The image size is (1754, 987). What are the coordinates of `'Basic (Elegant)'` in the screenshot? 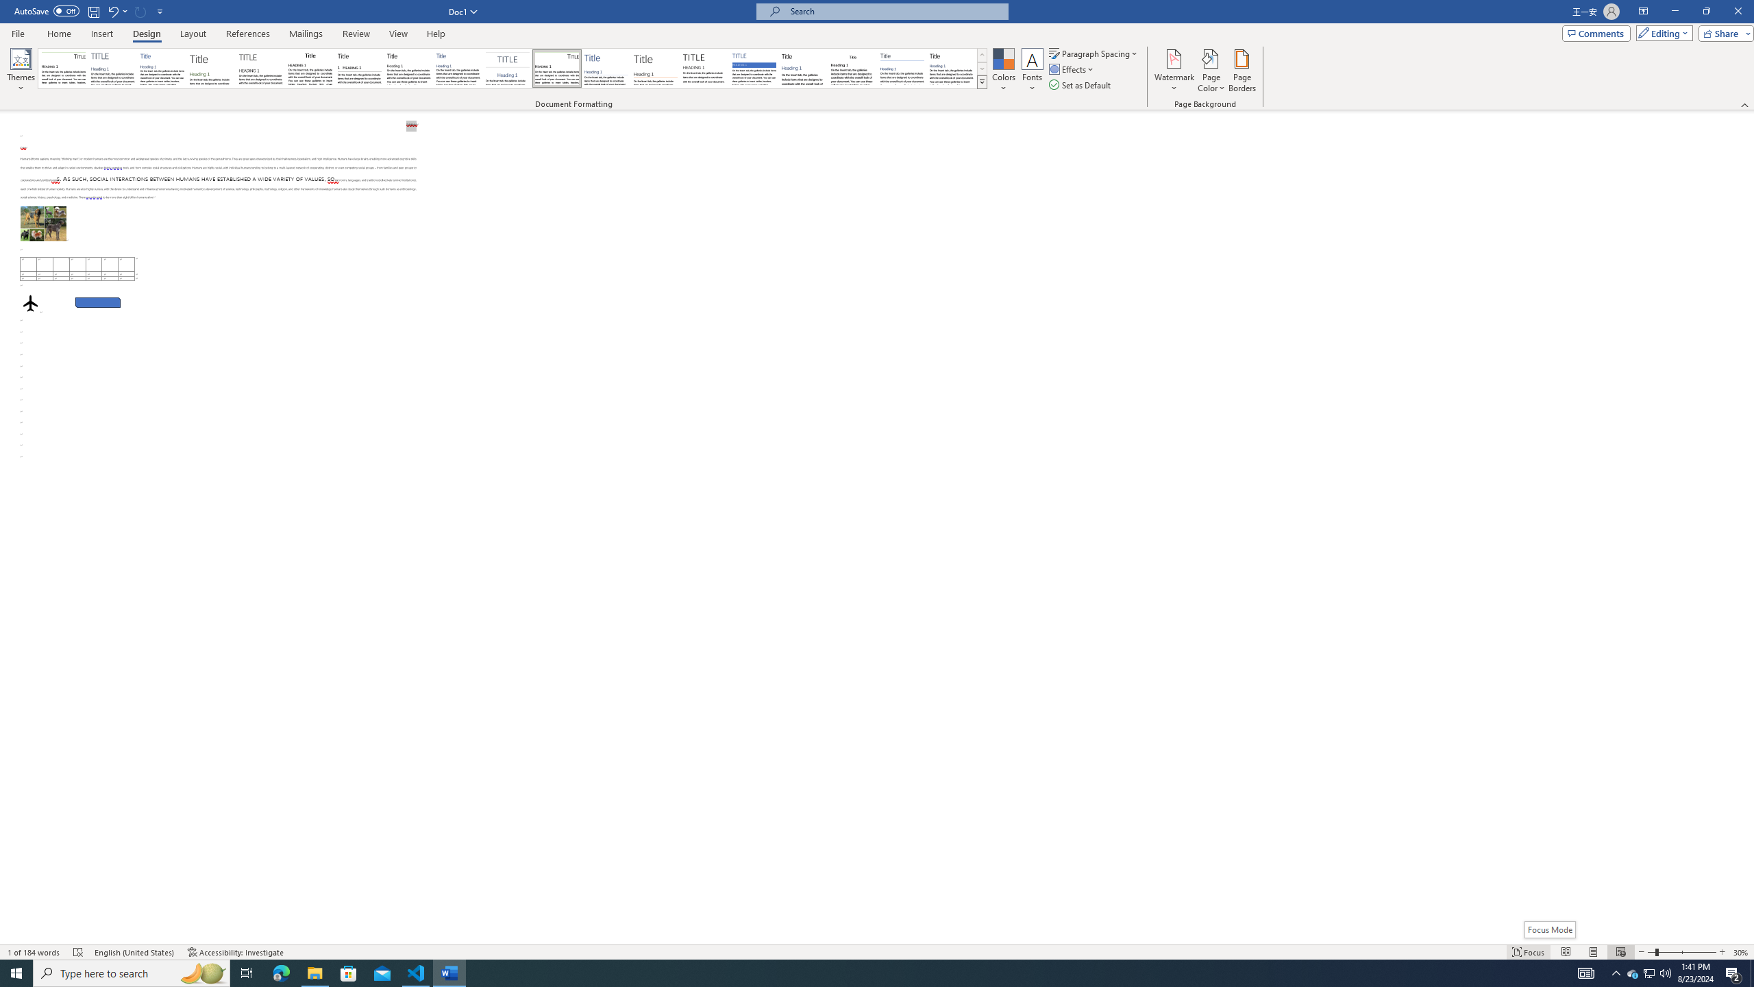 It's located at (112, 68).